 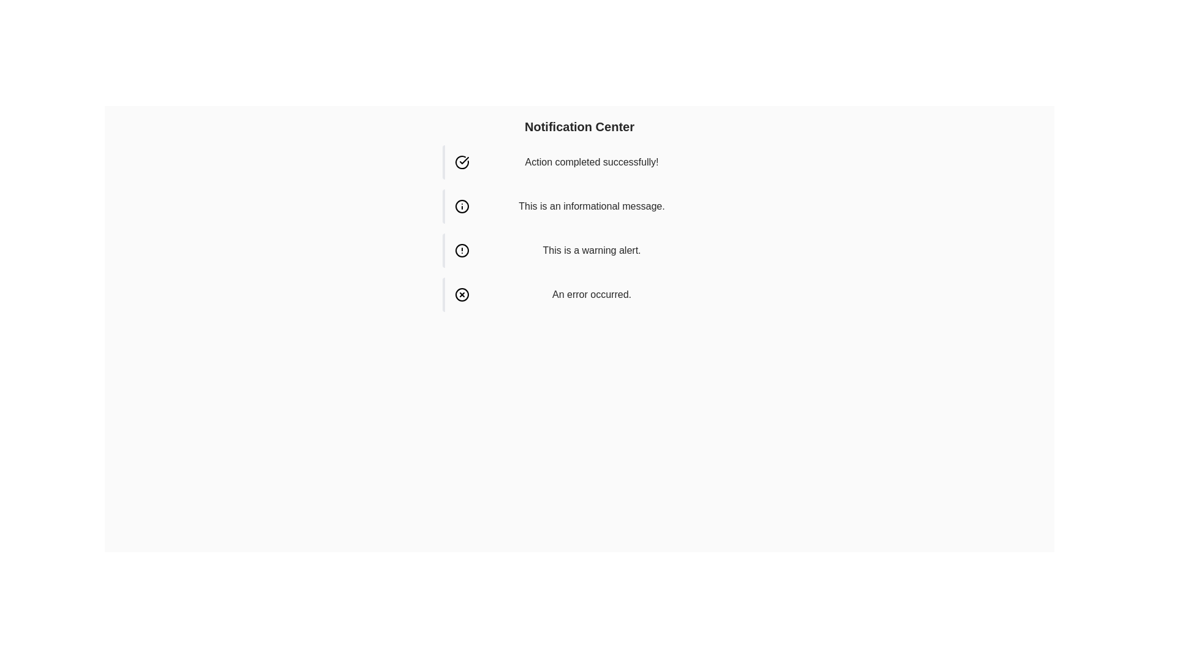 I want to click on the check-mark icon within the first notification item that signifies 'Action completed successfully!', so click(x=463, y=160).